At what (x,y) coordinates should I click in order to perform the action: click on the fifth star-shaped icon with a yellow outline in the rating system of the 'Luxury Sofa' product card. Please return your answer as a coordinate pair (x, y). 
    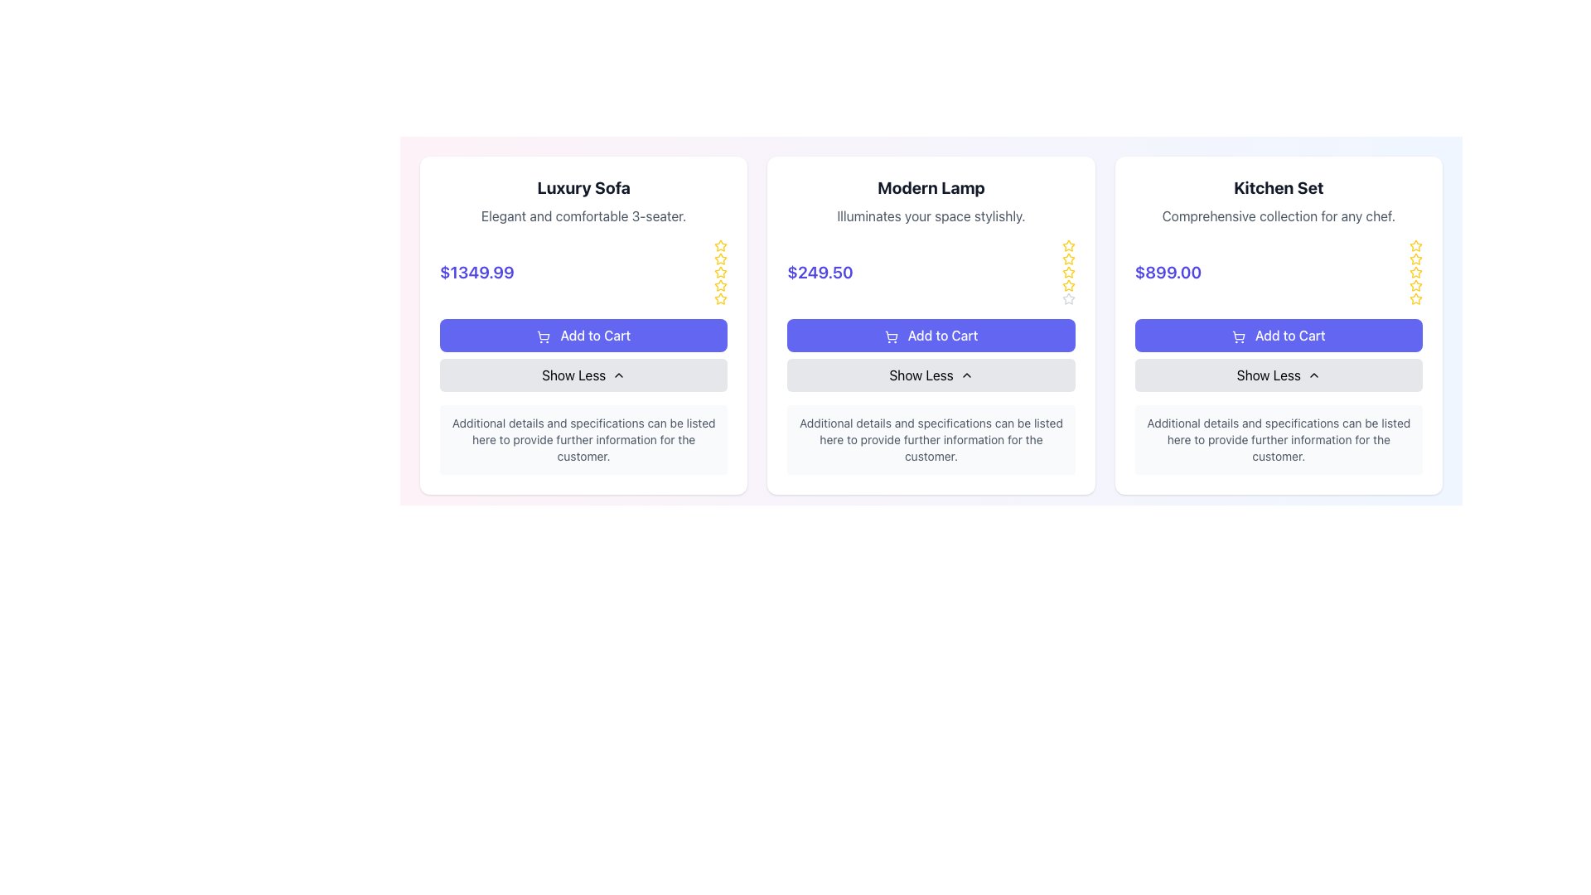
    Looking at the image, I should click on (721, 299).